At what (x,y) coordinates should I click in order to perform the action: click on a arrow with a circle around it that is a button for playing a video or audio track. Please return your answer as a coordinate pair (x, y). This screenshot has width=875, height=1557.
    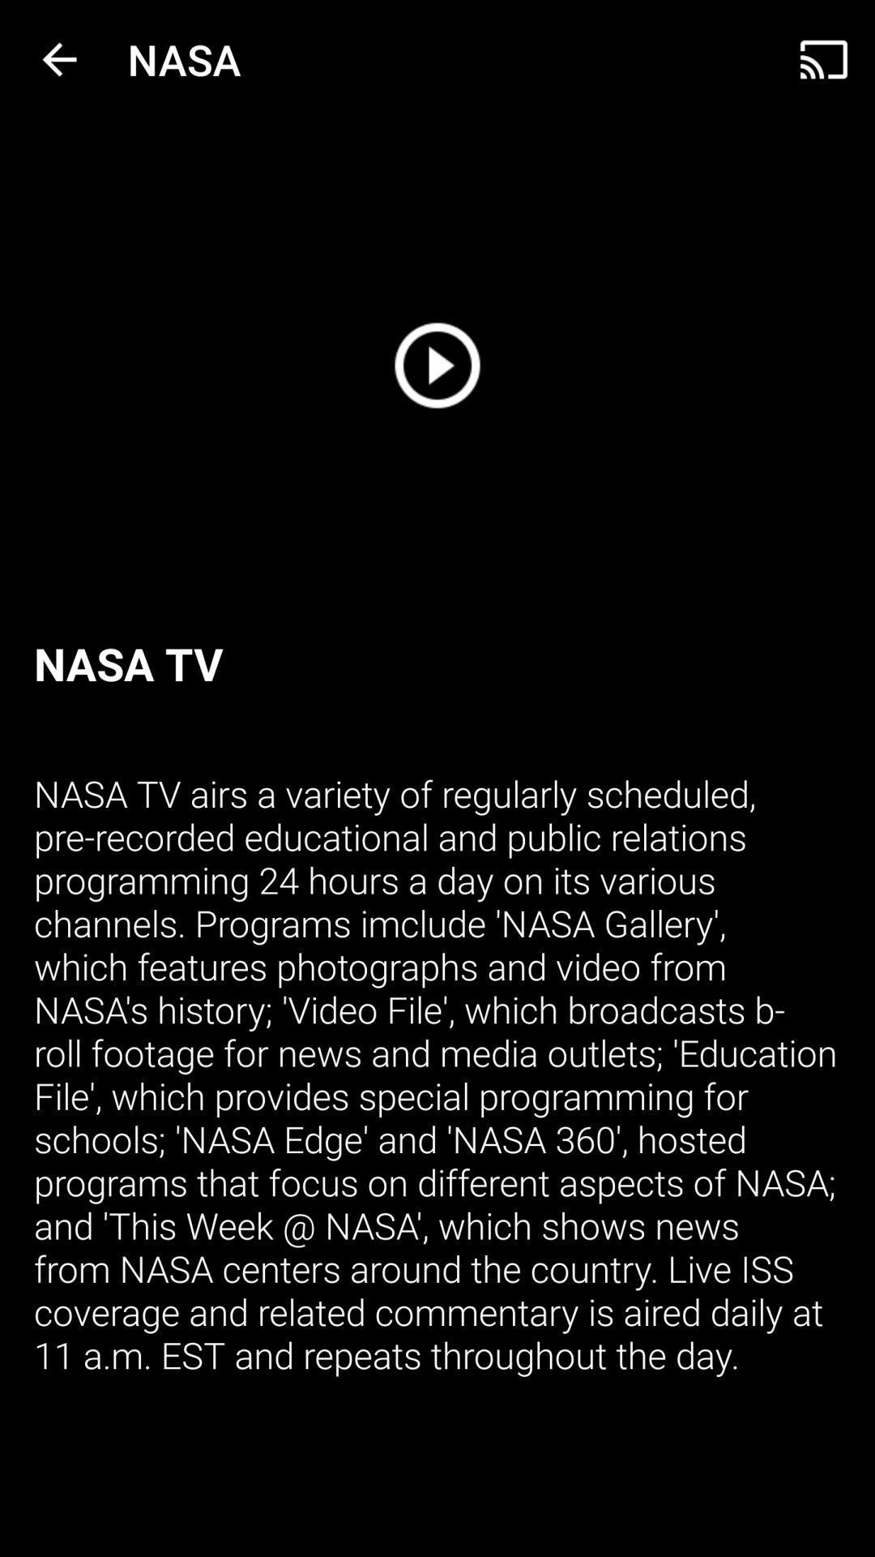
    Looking at the image, I should click on (437, 364).